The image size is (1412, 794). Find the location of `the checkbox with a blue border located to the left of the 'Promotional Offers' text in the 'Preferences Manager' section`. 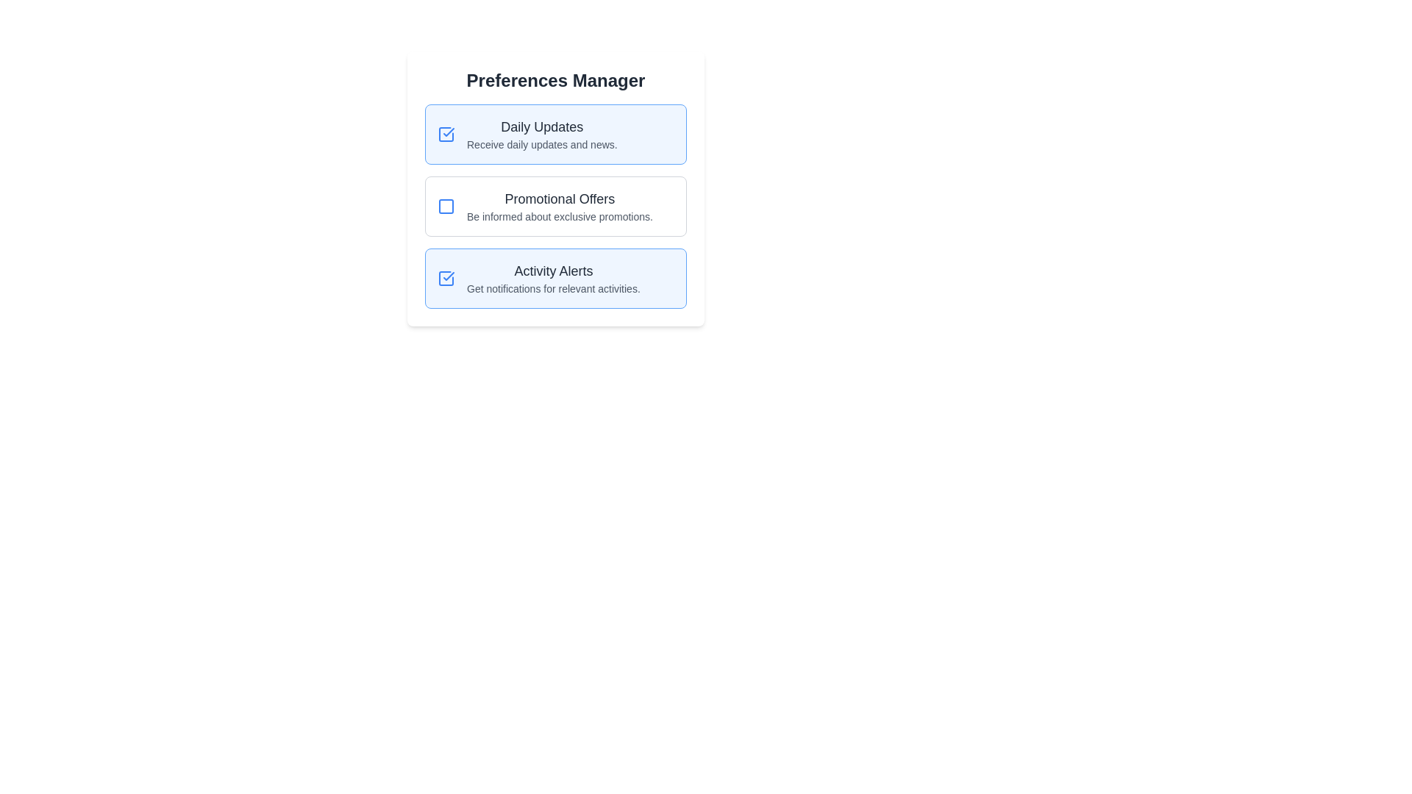

the checkbox with a blue border located to the left of the 'Promotional Offers' text in the 'Preferences Manager' section is located at coordinates (445, 207).